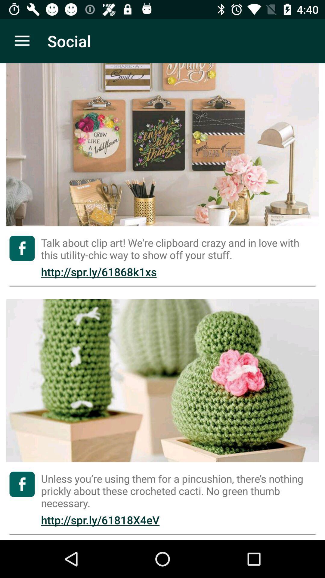 The width and height of the screenshot is (325, 578). Describe the element at coordinates (22, 41) in the screenshot. I see `the item next to the social app` at that location.